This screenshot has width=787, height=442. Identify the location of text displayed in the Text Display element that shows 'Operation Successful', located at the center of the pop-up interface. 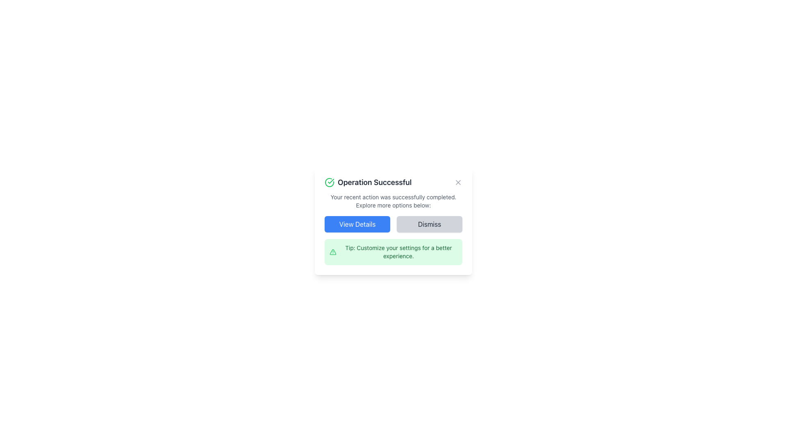
(374, 182).